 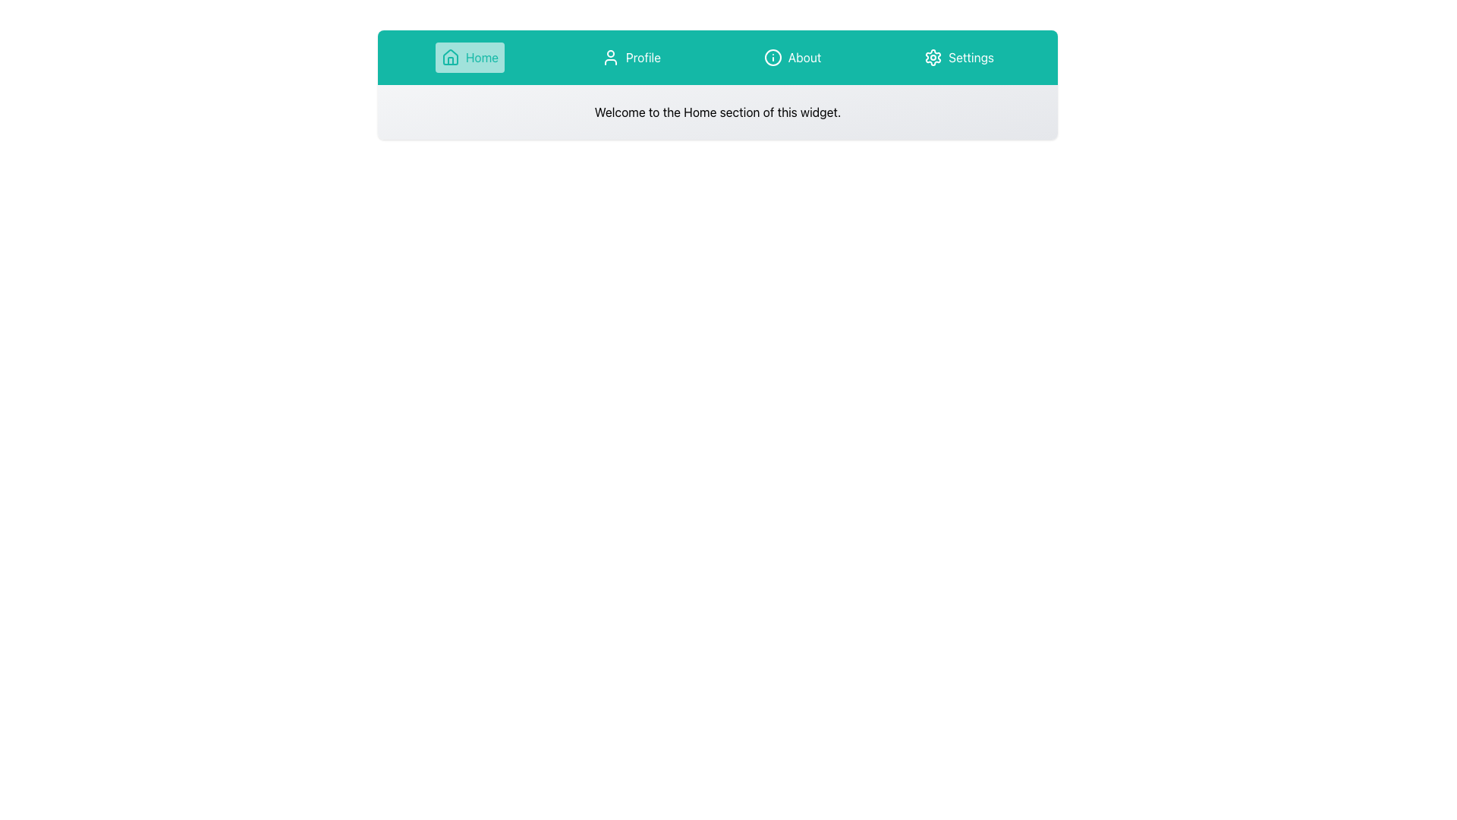 What do you see at coordinates (631, 57) in the screenshot?
I see `the 'Profile' navigation button, which is the second button in a horizontal navigation bar containing 'Home', 'Profile', 'About', and 'Settings'` at bounding box center [631, 57].